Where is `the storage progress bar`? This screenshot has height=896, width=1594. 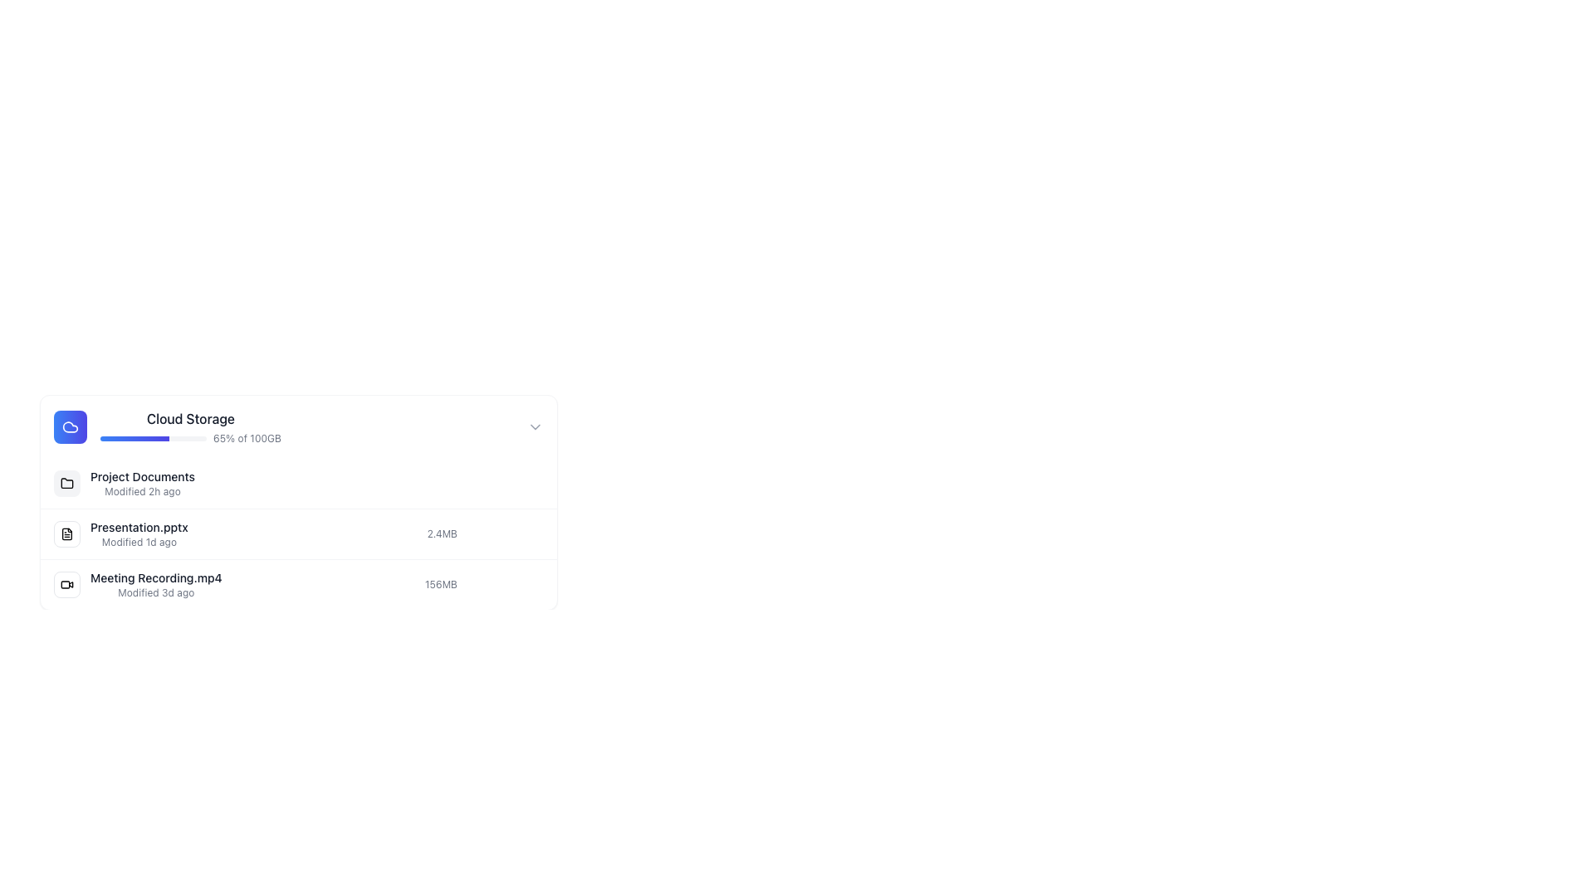 the storage progress bar is located at coordinates (134, 437).